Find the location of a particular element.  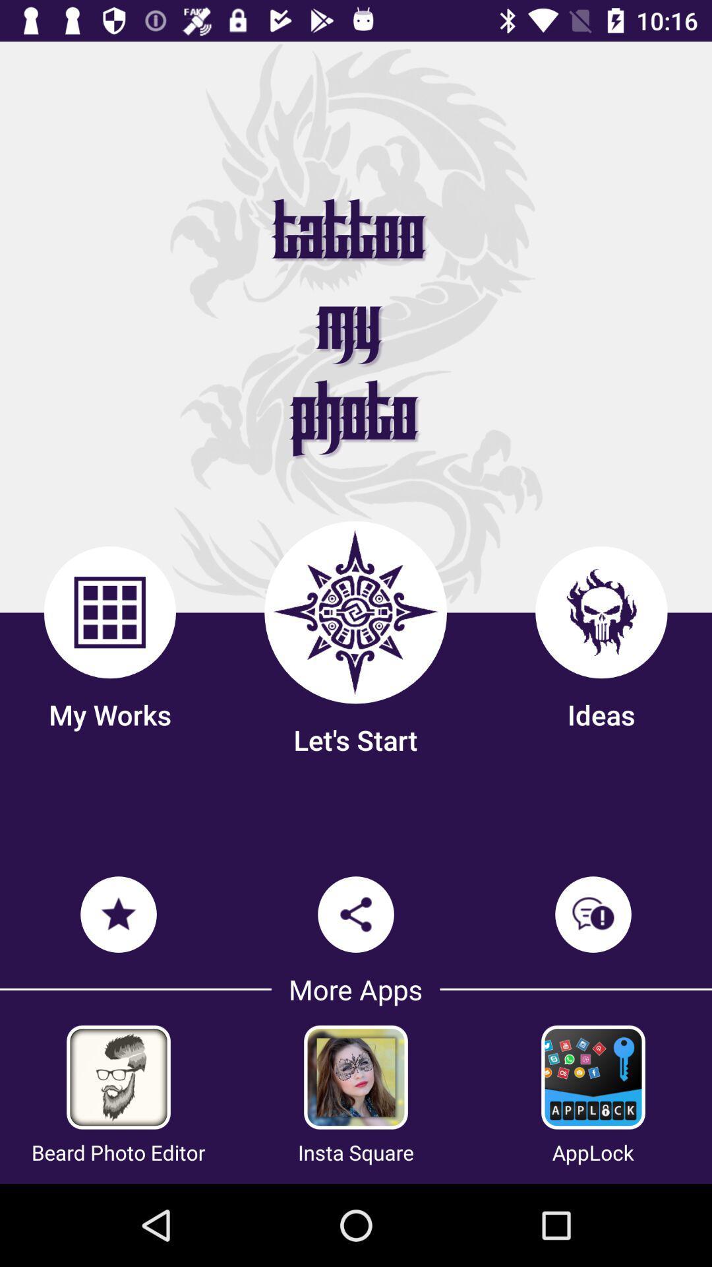

the item next to the beard photo editor icon is located at coordinates (356, 1152).